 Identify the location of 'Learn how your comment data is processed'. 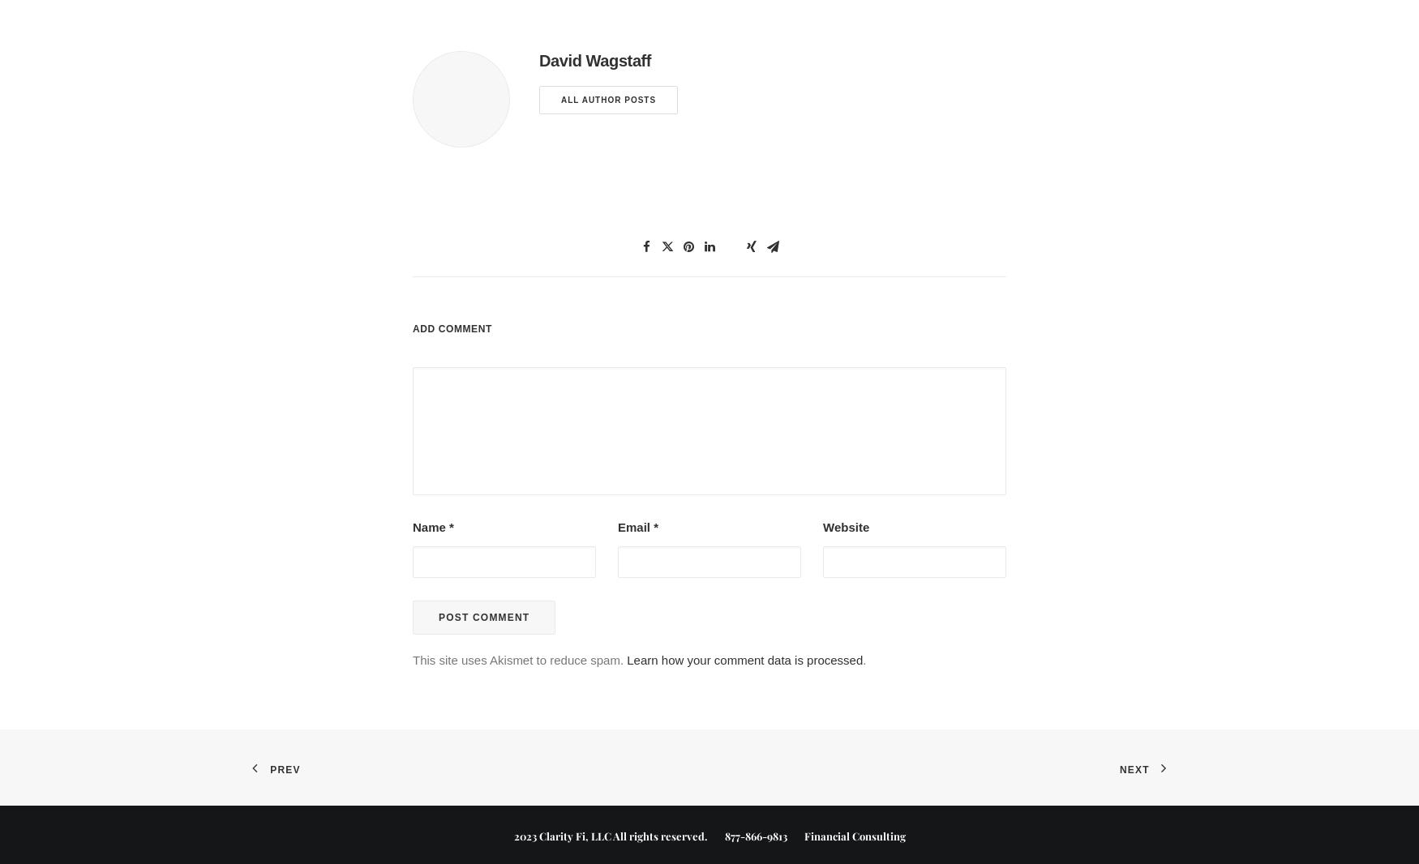
(744, 659).